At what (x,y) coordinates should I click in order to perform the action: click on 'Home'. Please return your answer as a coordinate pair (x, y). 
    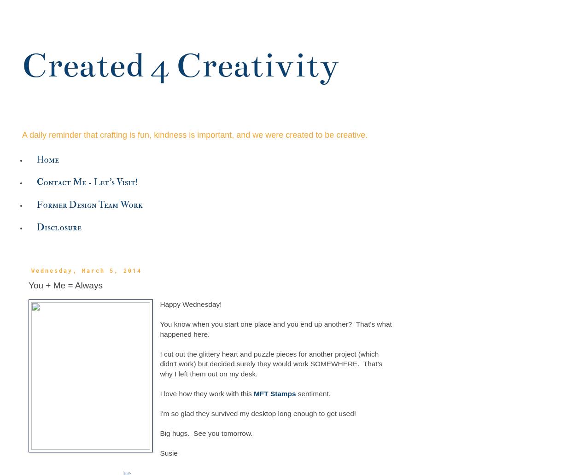
    Looking at the image, I should click on (47, 159).